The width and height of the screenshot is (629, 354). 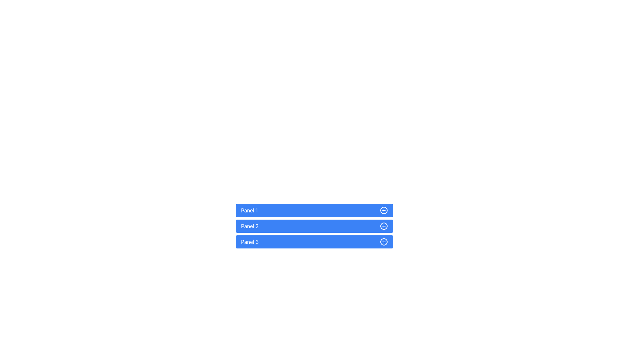 I want to click on the blue rectangular panel labeled 'Panel 3', so click(x=314, y=242).